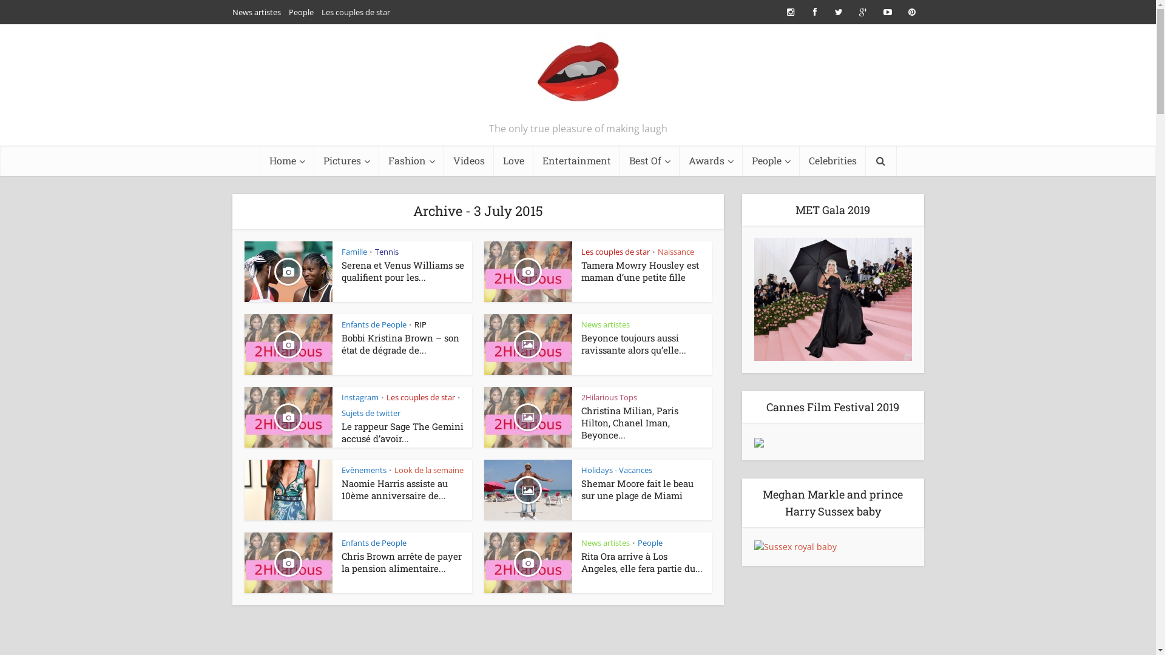 Image resolution: width=1165 pixels, height=655 pixels. I want to click on 'Tennis', so click(386, 251).